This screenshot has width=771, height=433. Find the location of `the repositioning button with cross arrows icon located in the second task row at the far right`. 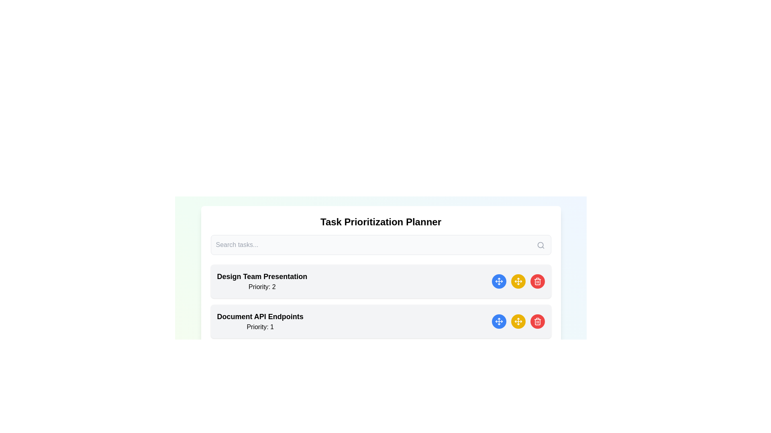

the repositioning button with cross arrows icon located in the second task row at the far right is located at coordinates (518, 281).